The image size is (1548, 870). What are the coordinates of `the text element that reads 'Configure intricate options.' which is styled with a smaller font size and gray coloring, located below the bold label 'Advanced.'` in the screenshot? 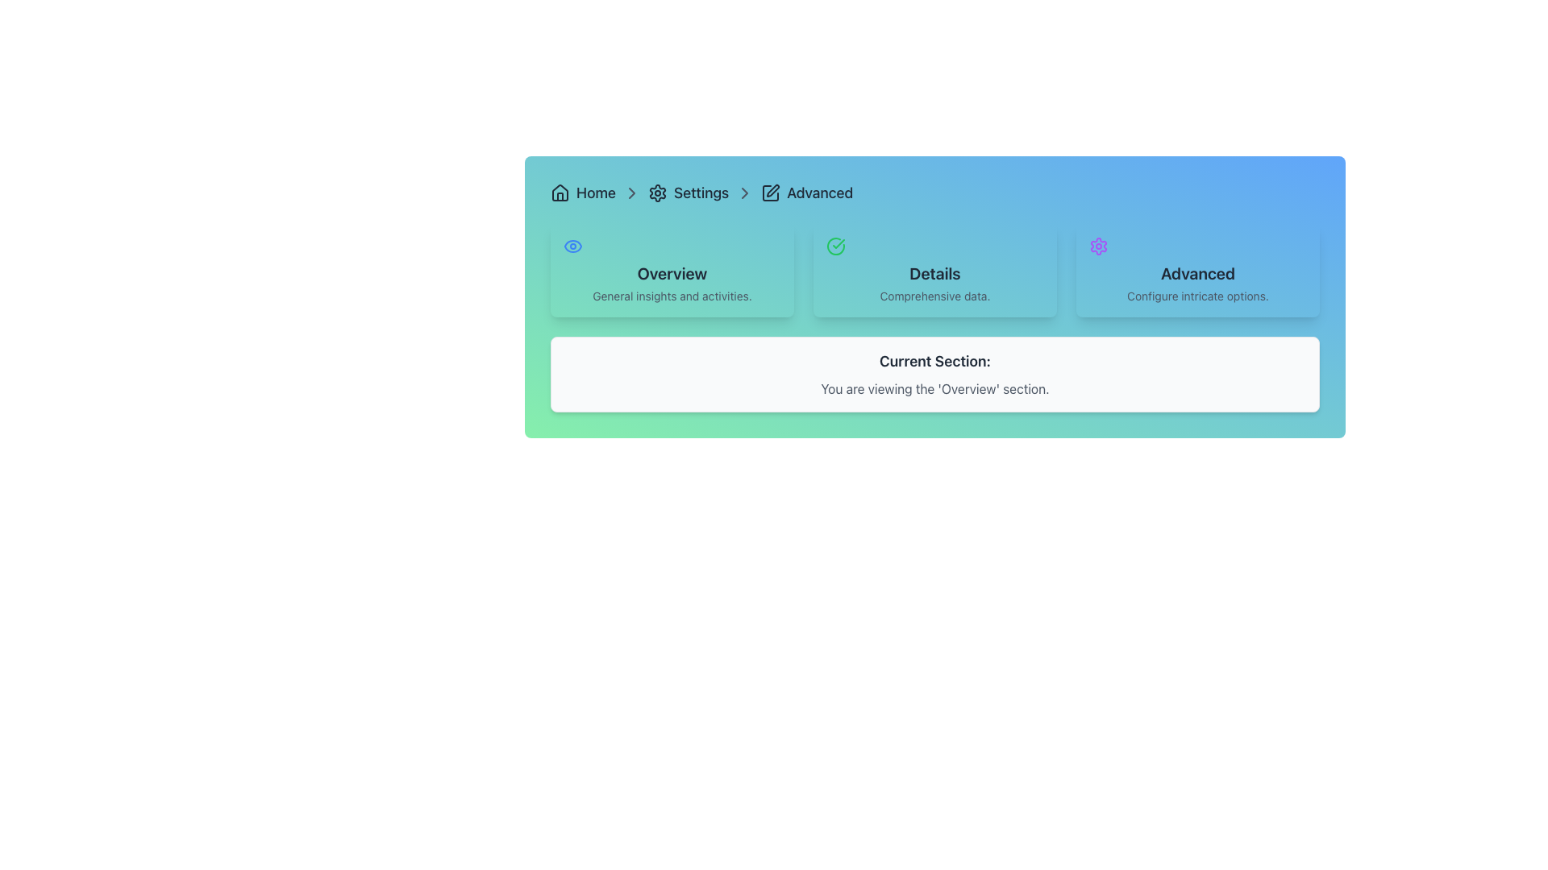 It's located at (1198, 296).